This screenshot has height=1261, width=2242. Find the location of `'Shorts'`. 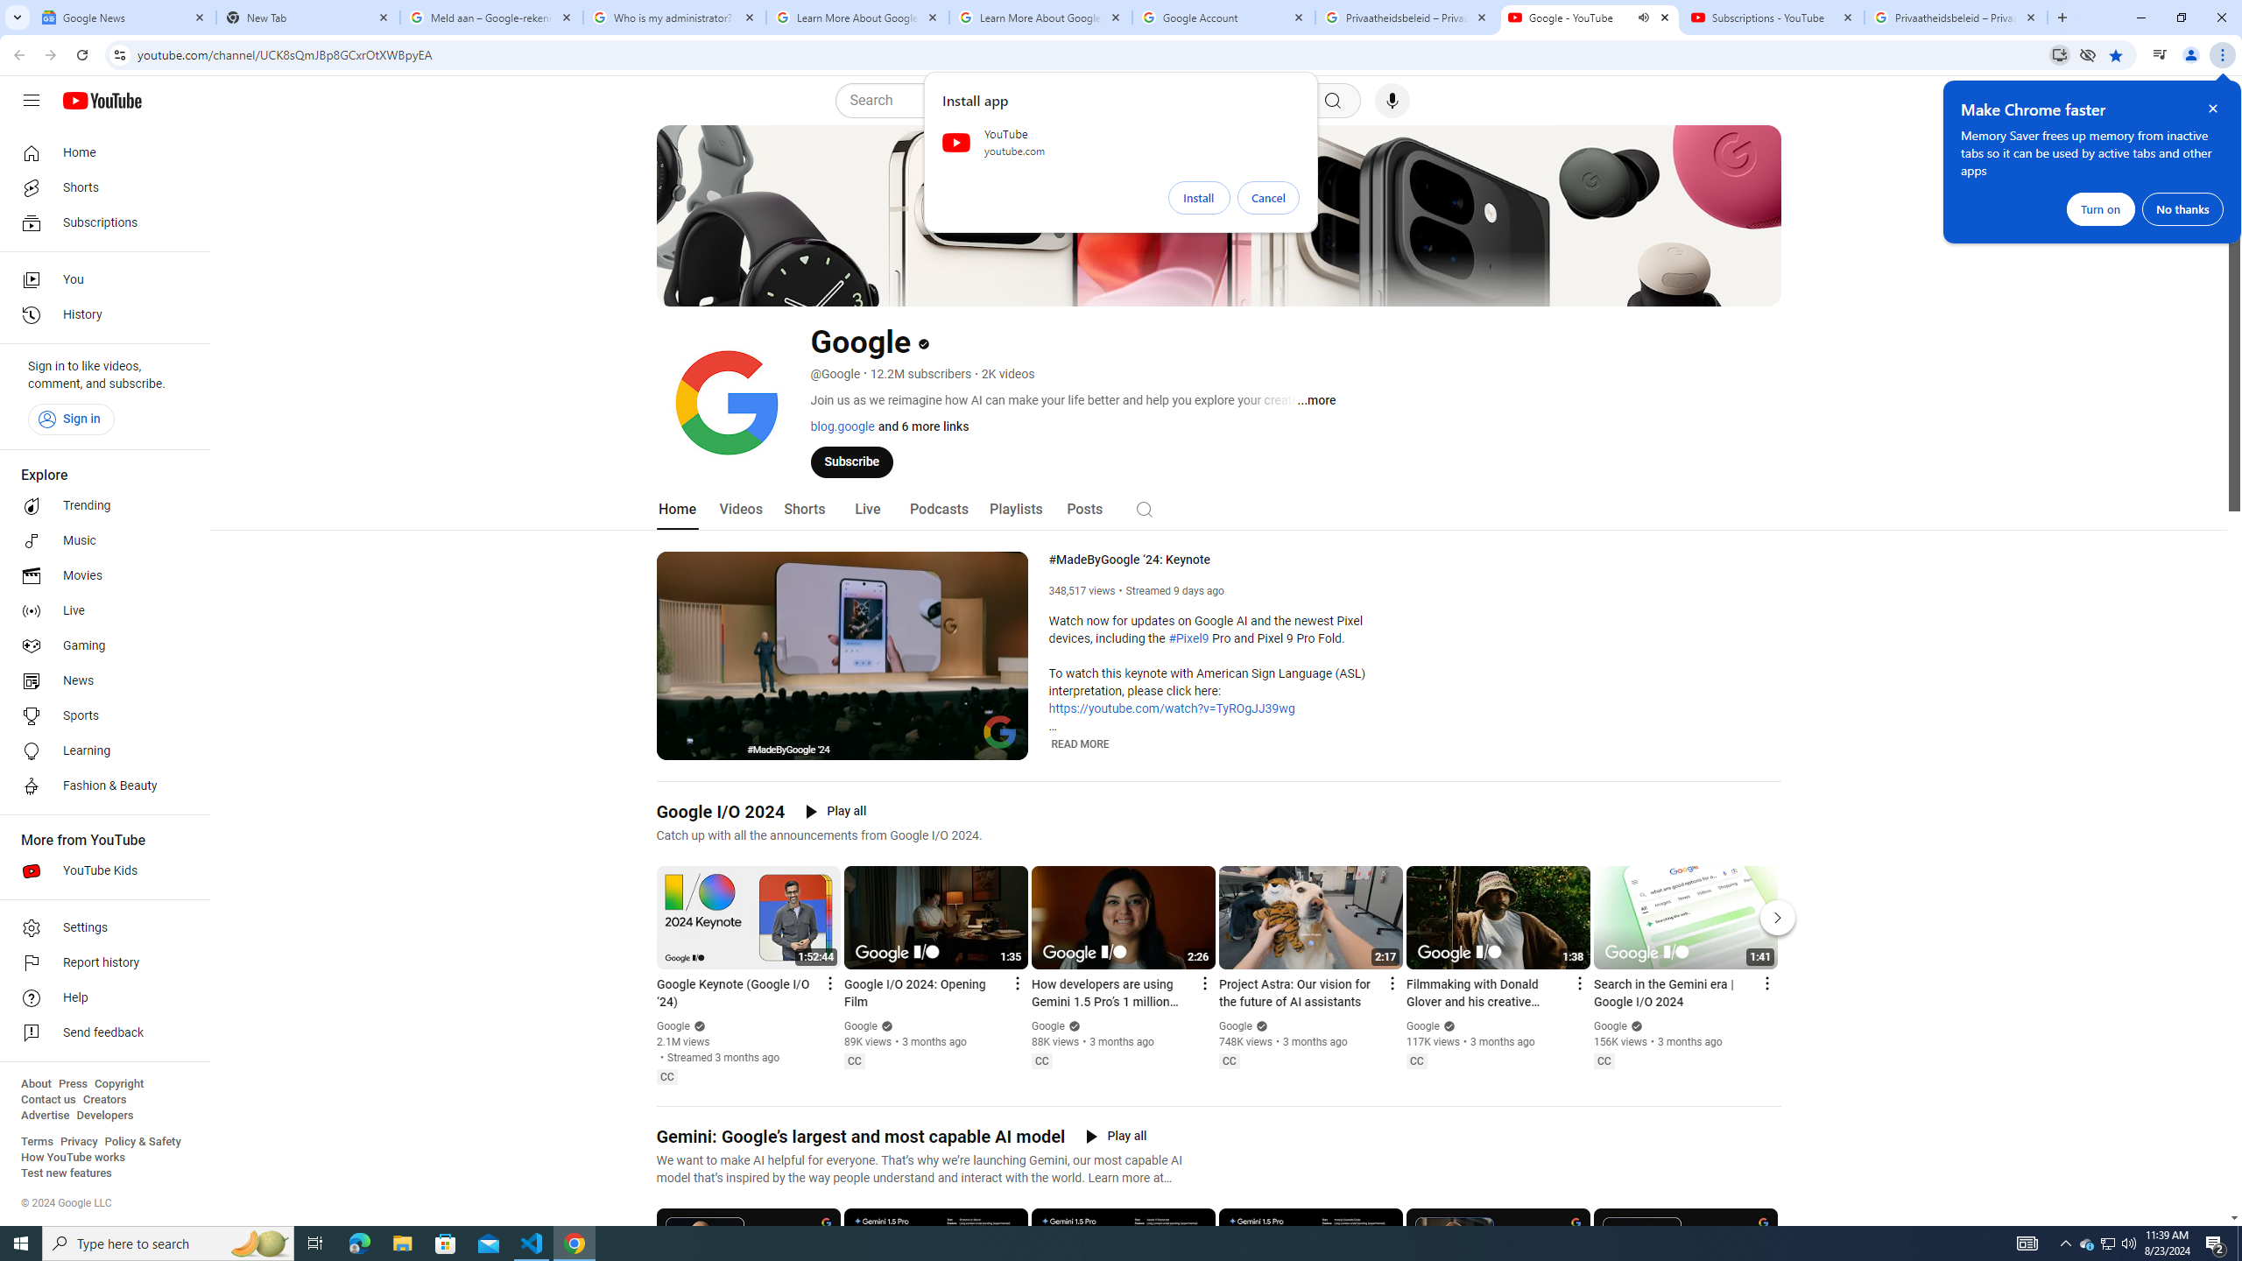

'Shorts' is located at coordinates (803, 509).